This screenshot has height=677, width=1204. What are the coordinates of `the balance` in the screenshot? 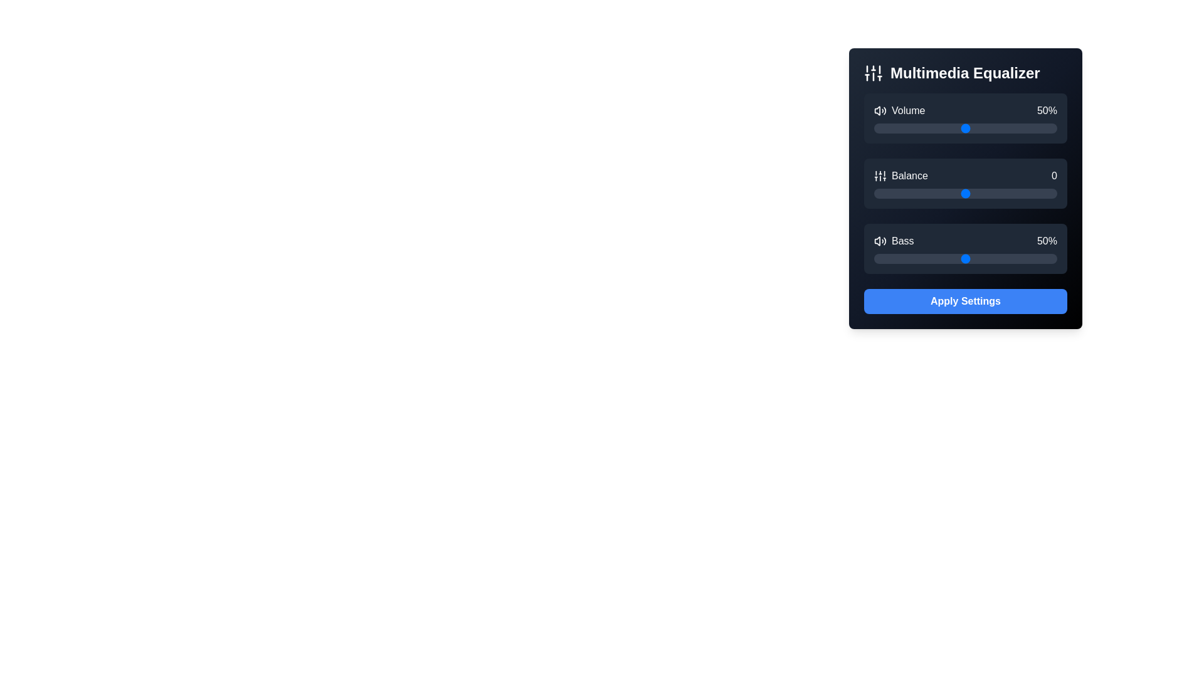 It's located at (963, 193).